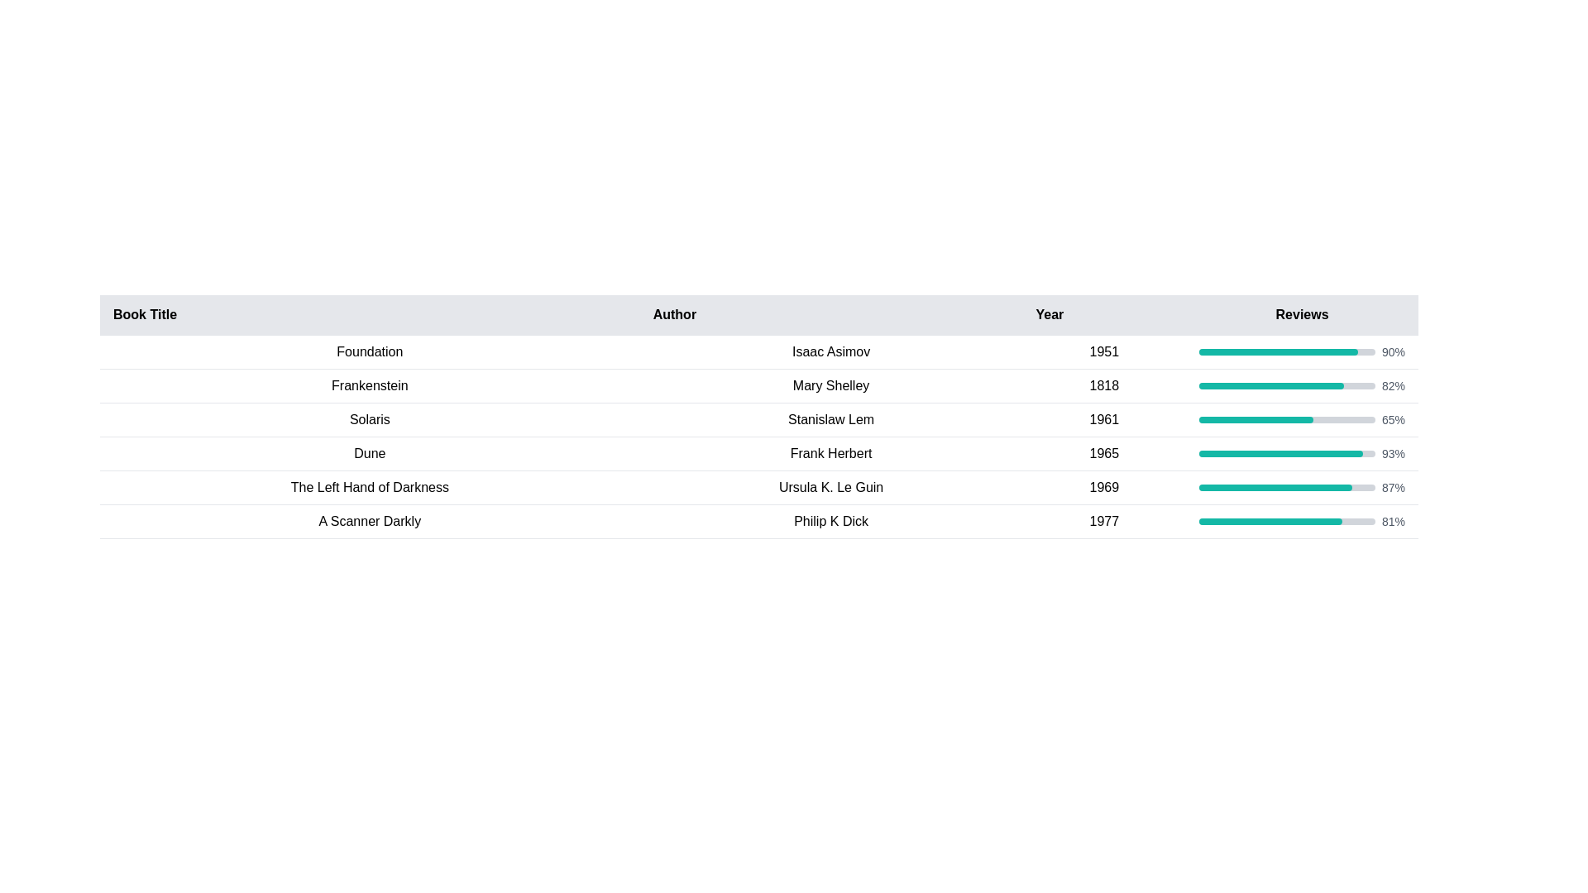 This screenshot has width=1588, height=893. What do you see at coordinates (1286, 419) in the screenshot?
I see `the progress bar indicating a 65% completion for reviews associated with the book 'Solaris'` at bounding box center [1286, 419].